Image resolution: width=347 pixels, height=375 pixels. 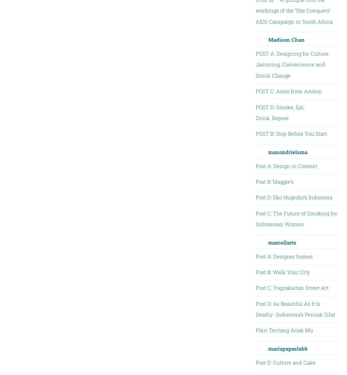 What do you see at coordinates (255, 197) in the screenshot?
I see `'Post D: Eko Nugroho’s Indonesia'` at bounding box center [255, 197].